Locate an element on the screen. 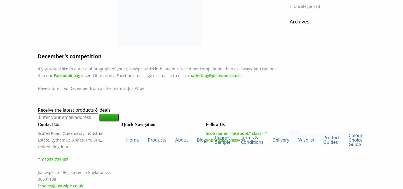  'Facebook page' is located at coordinates (53, 75).